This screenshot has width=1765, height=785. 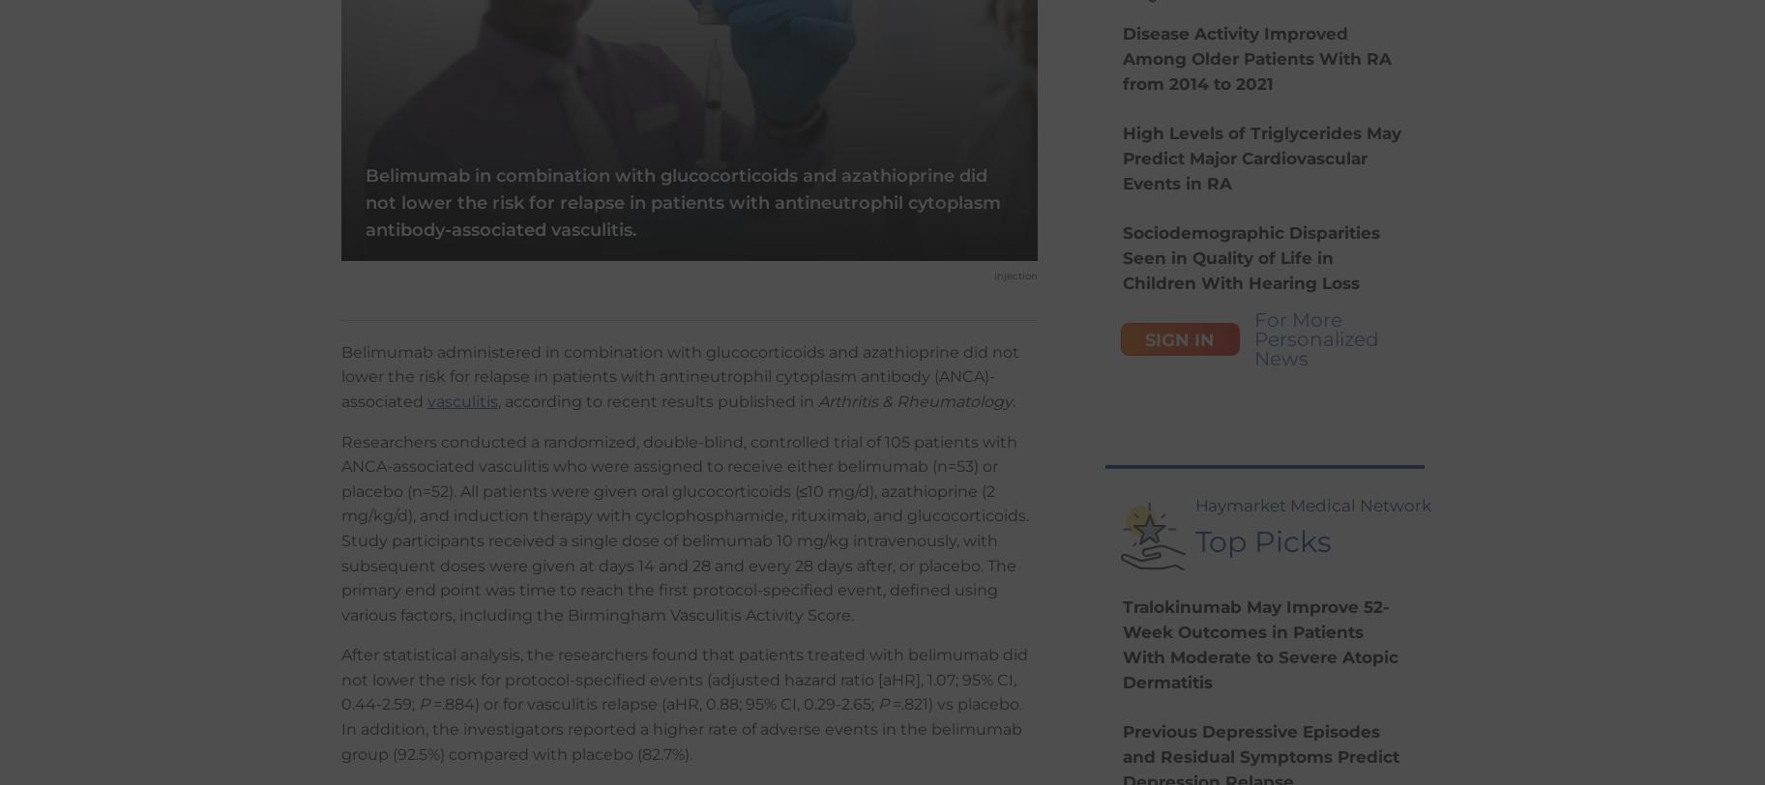 What do you see at coordinates (684, 680) in the screenshot?
I see `'After statistical analysis, the researchers found that patients treated with belimumab did not lower the risk for protocol-specified events (adjusted hazard ratio [aHR], 1.07; 95% CI, 0.44-2.59;'` at bounding box center [684, 680].